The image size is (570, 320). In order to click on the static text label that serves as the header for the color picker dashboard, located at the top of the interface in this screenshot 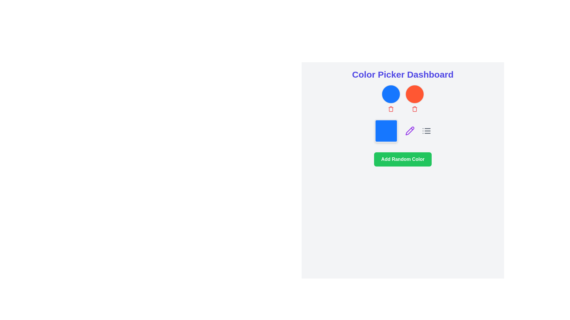, I will do `click(403, 74)`.